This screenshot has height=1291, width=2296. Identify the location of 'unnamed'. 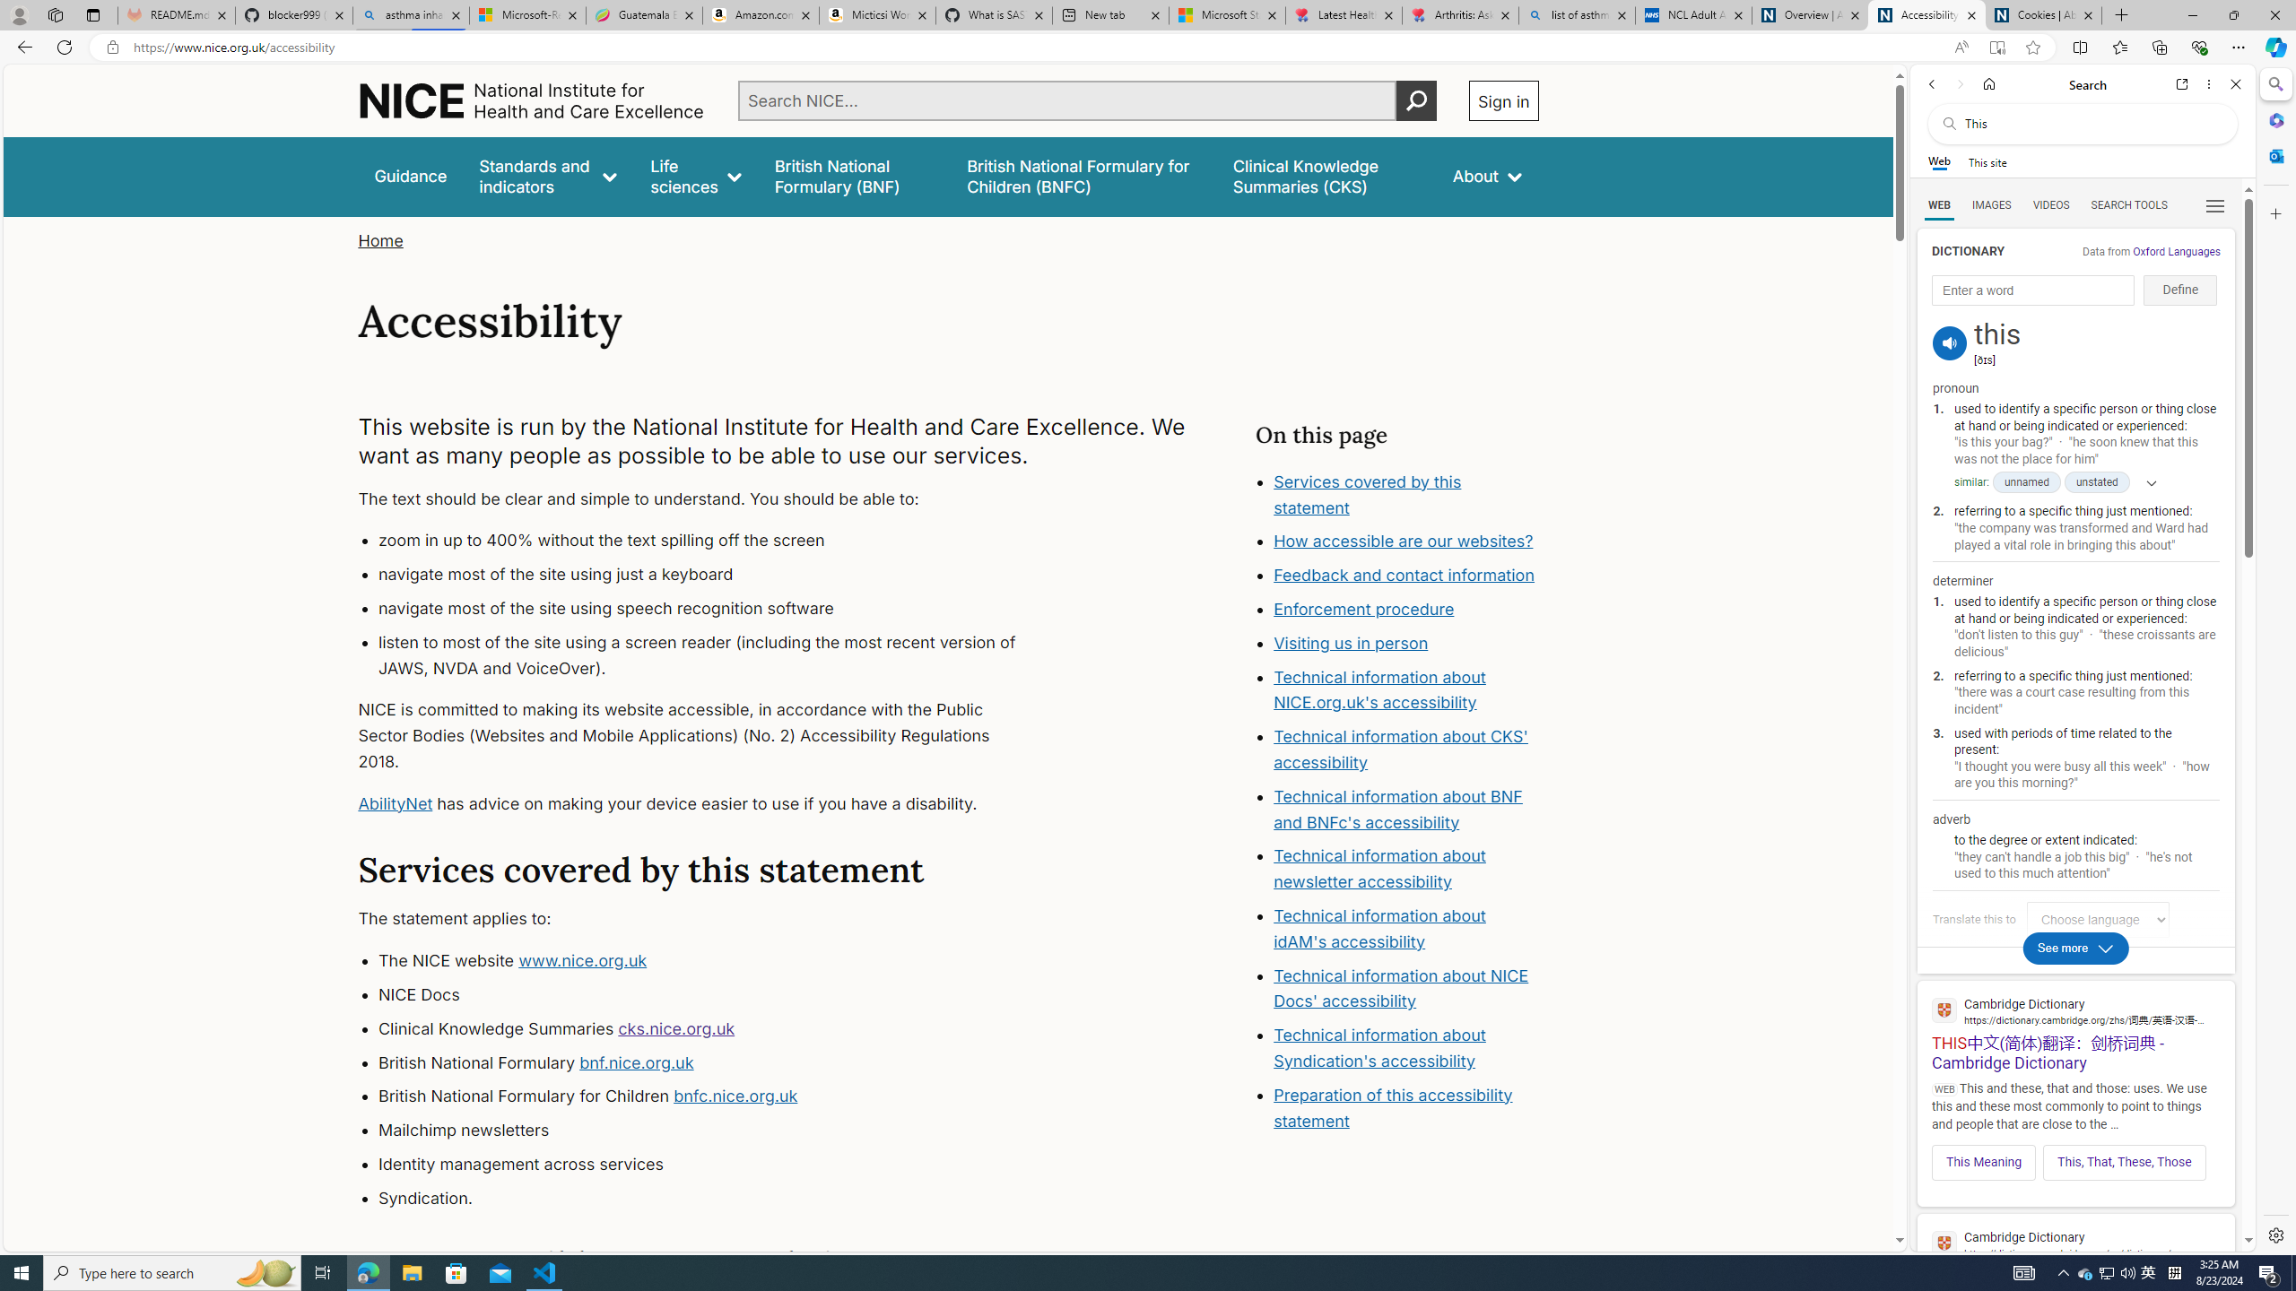
(2026, 481).